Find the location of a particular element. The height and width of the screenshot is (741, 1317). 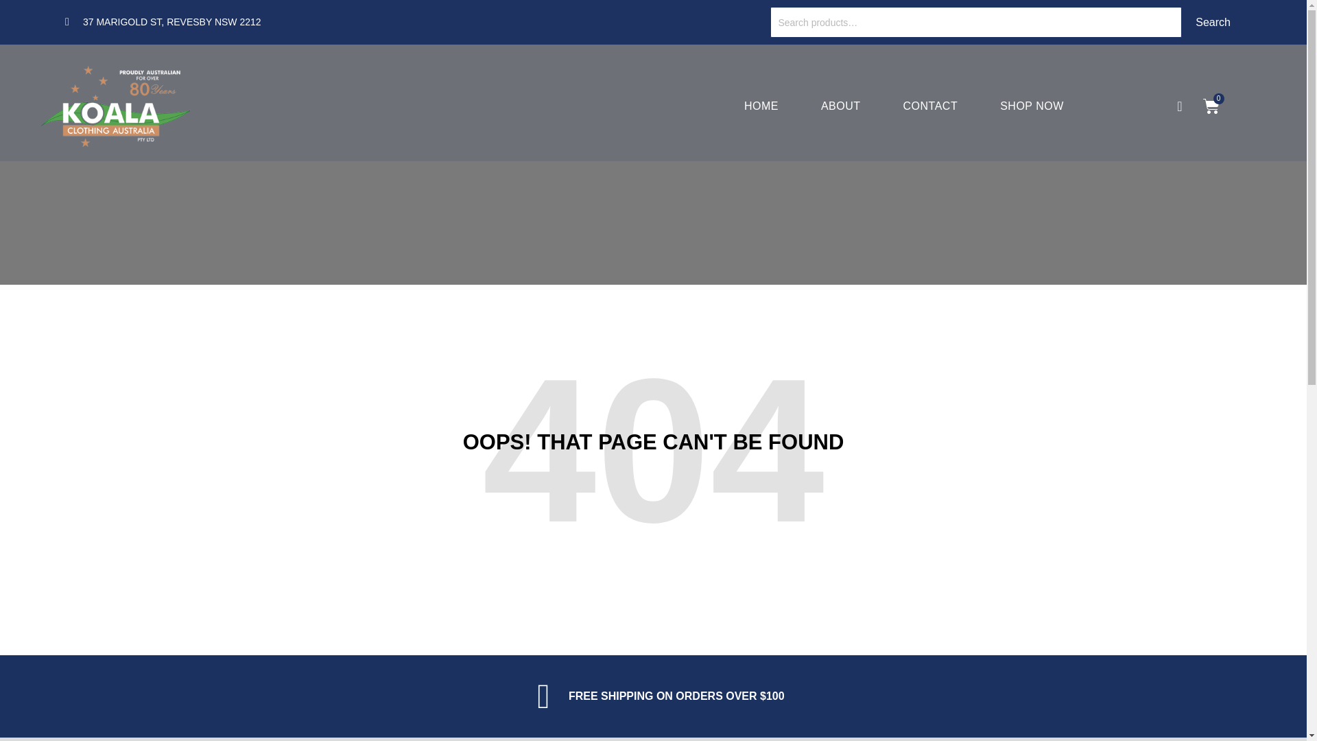

'0 is located at coordinates (1211, 105).